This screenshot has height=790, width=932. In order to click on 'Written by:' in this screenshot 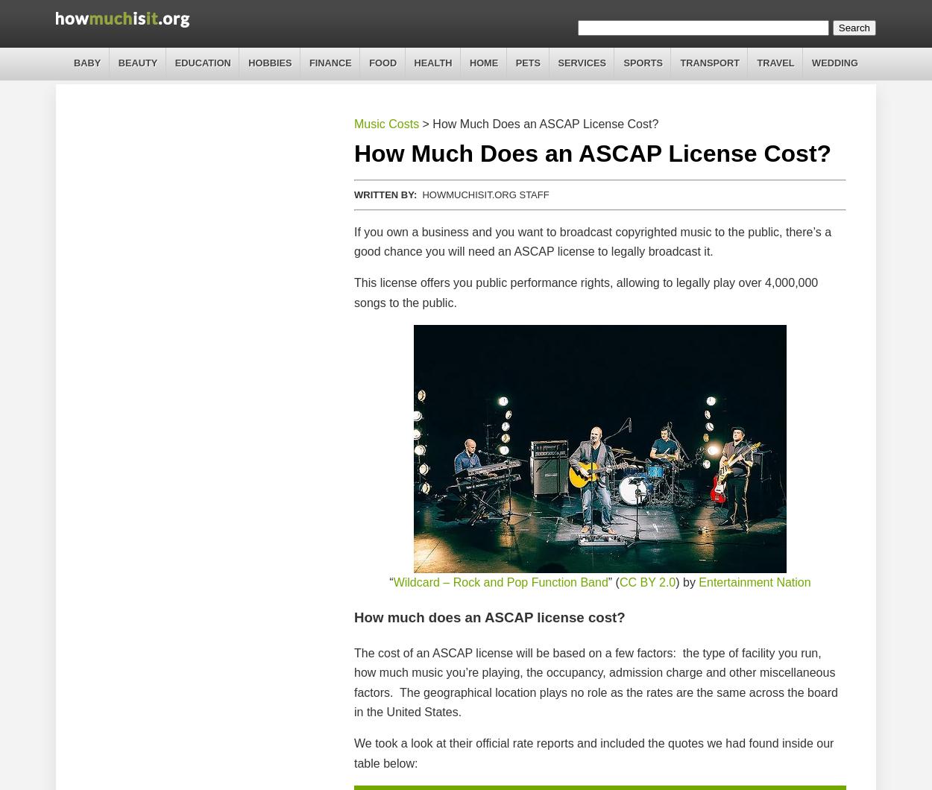, I will do `click(385, 194)`.